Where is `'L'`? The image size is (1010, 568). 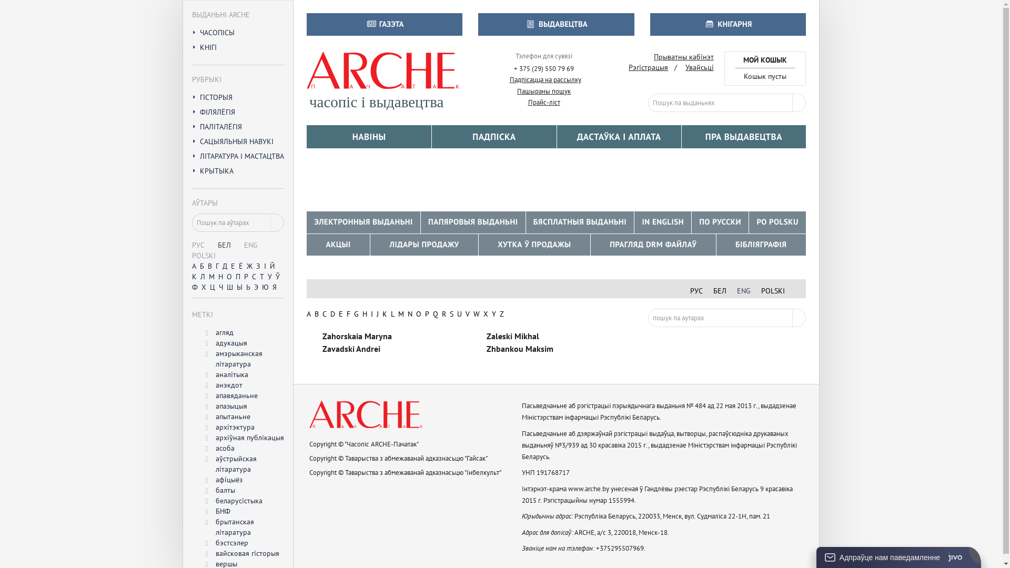 'L' is located at coordinates (392, 313).